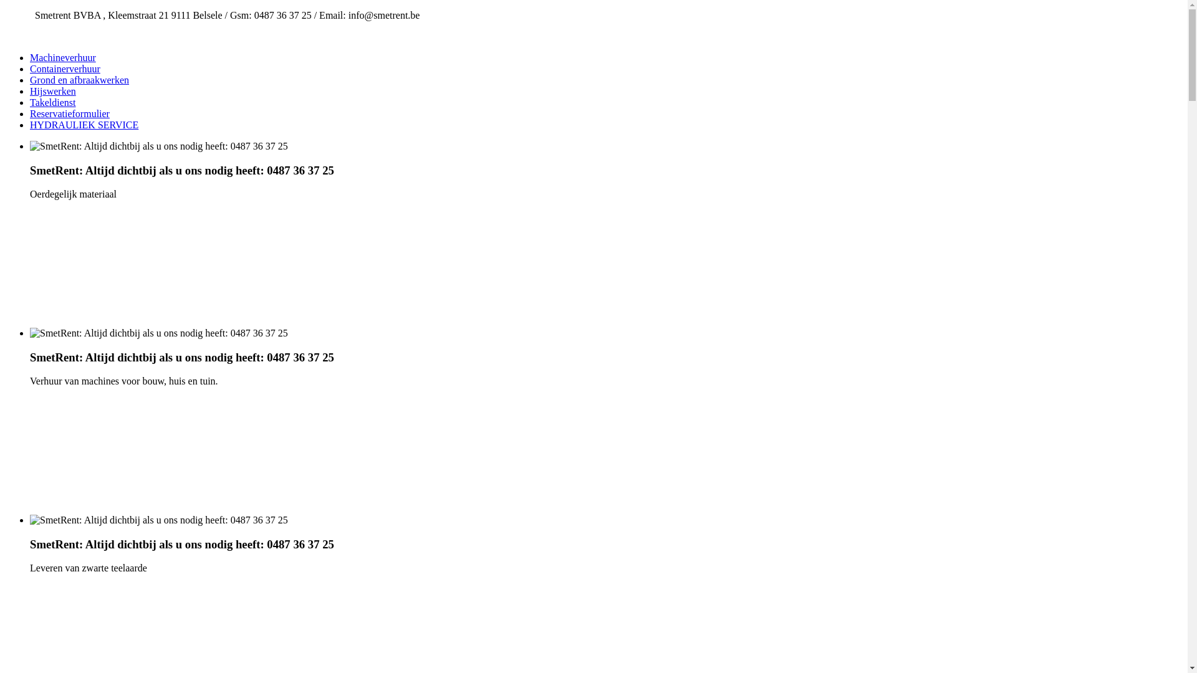 This screenshot has width=1197, height=673. Describe the element at coordinates (30, 102) in the screenshot. I see `'Takeldienst'` at that location.